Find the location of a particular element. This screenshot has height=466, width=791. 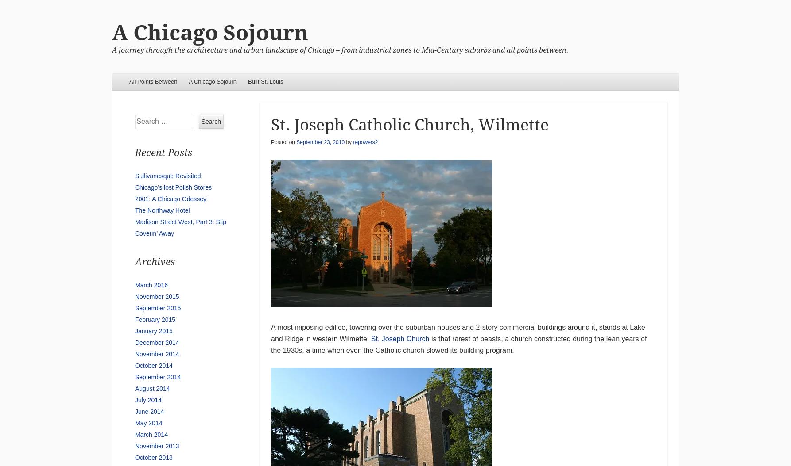

'2001: A Chicago Odessey' is located at coordinates (171, 199).